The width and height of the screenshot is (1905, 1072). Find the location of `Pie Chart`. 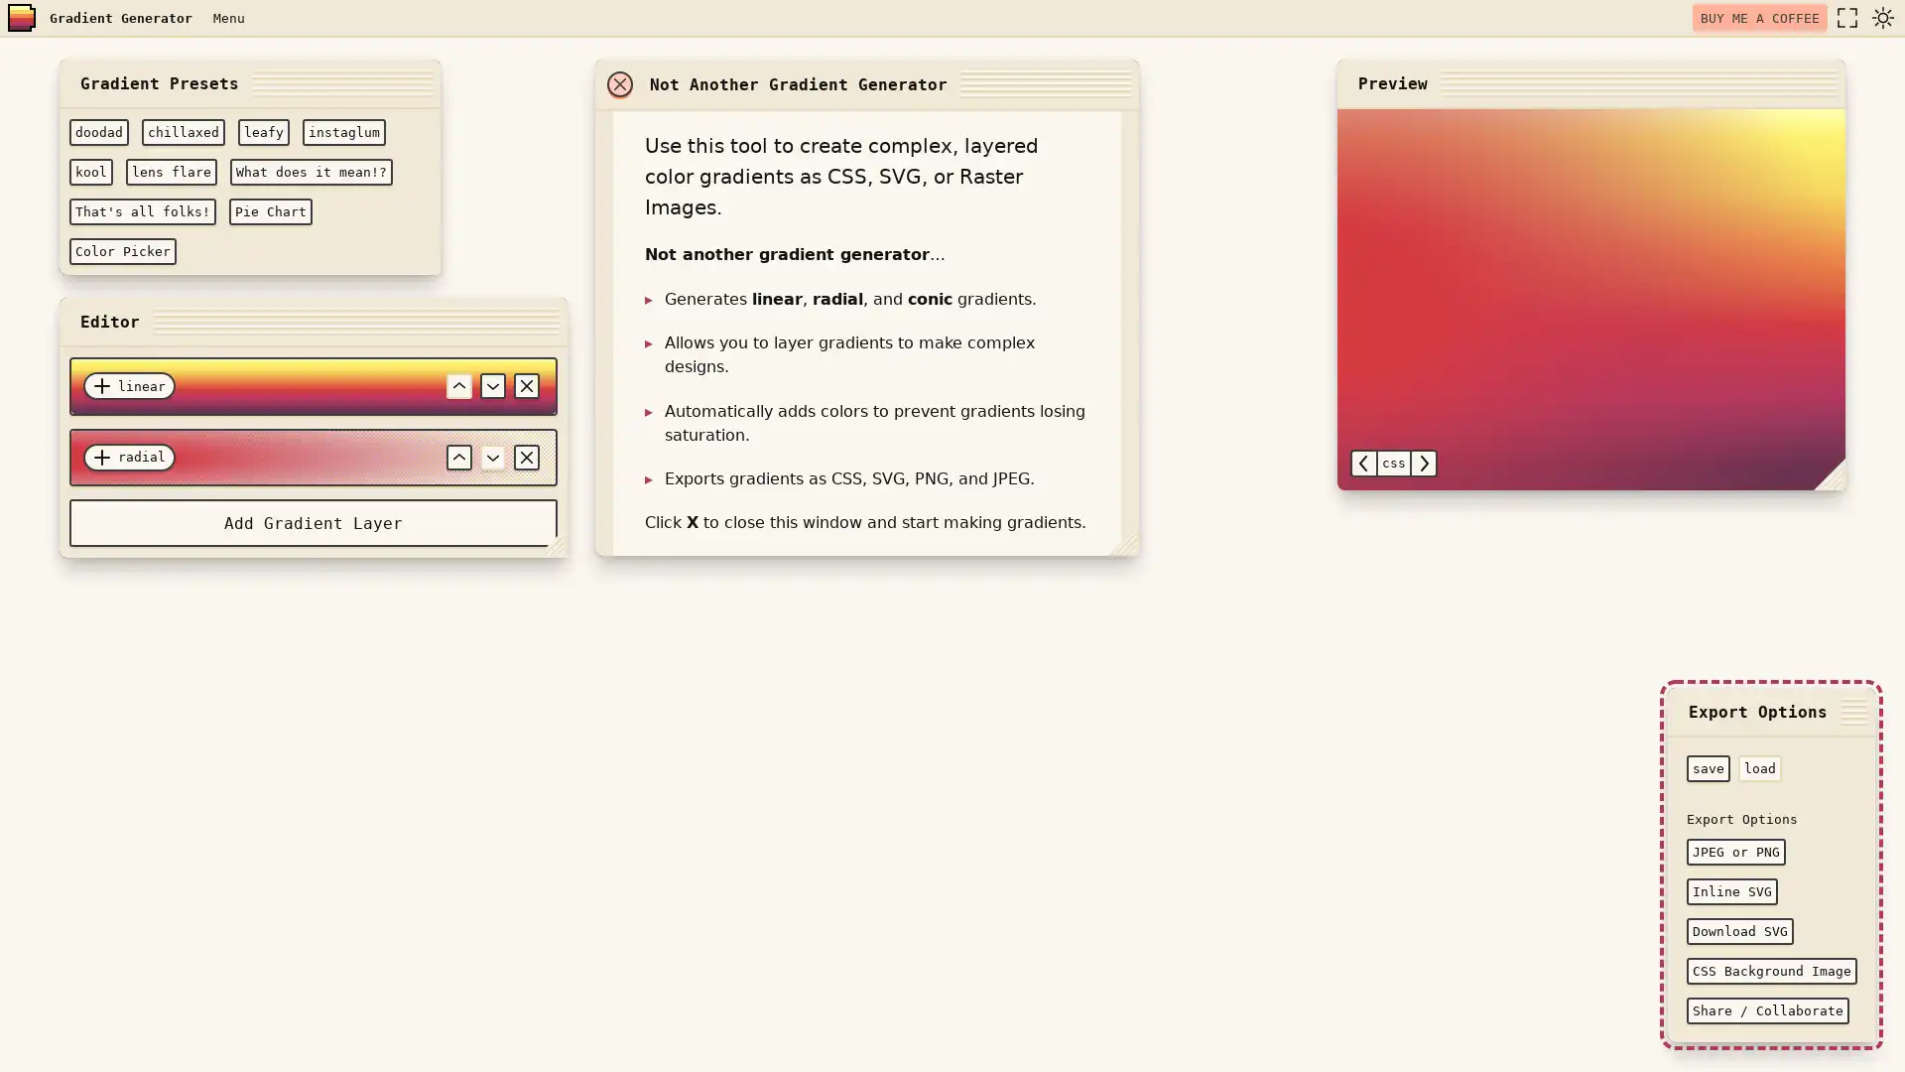

Pie Chart is located at coordinates (270, 210).